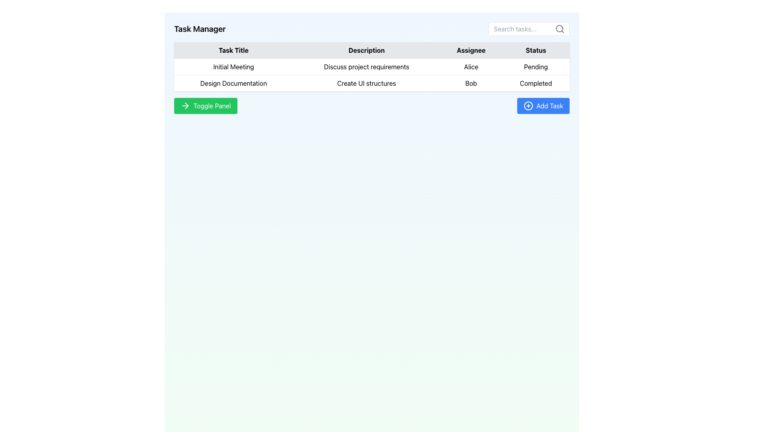  What do you see at coordinates (543, 105) in the screenshot?
I see `the 'Add Task' button with a blue background and white text` at bounding box center [543, 105].